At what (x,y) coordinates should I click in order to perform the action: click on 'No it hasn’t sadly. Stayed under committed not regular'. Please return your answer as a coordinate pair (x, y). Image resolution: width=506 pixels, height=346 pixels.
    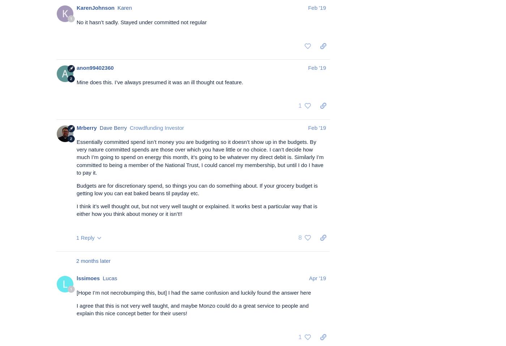
    Looking at the image, I should click on (76, 21).